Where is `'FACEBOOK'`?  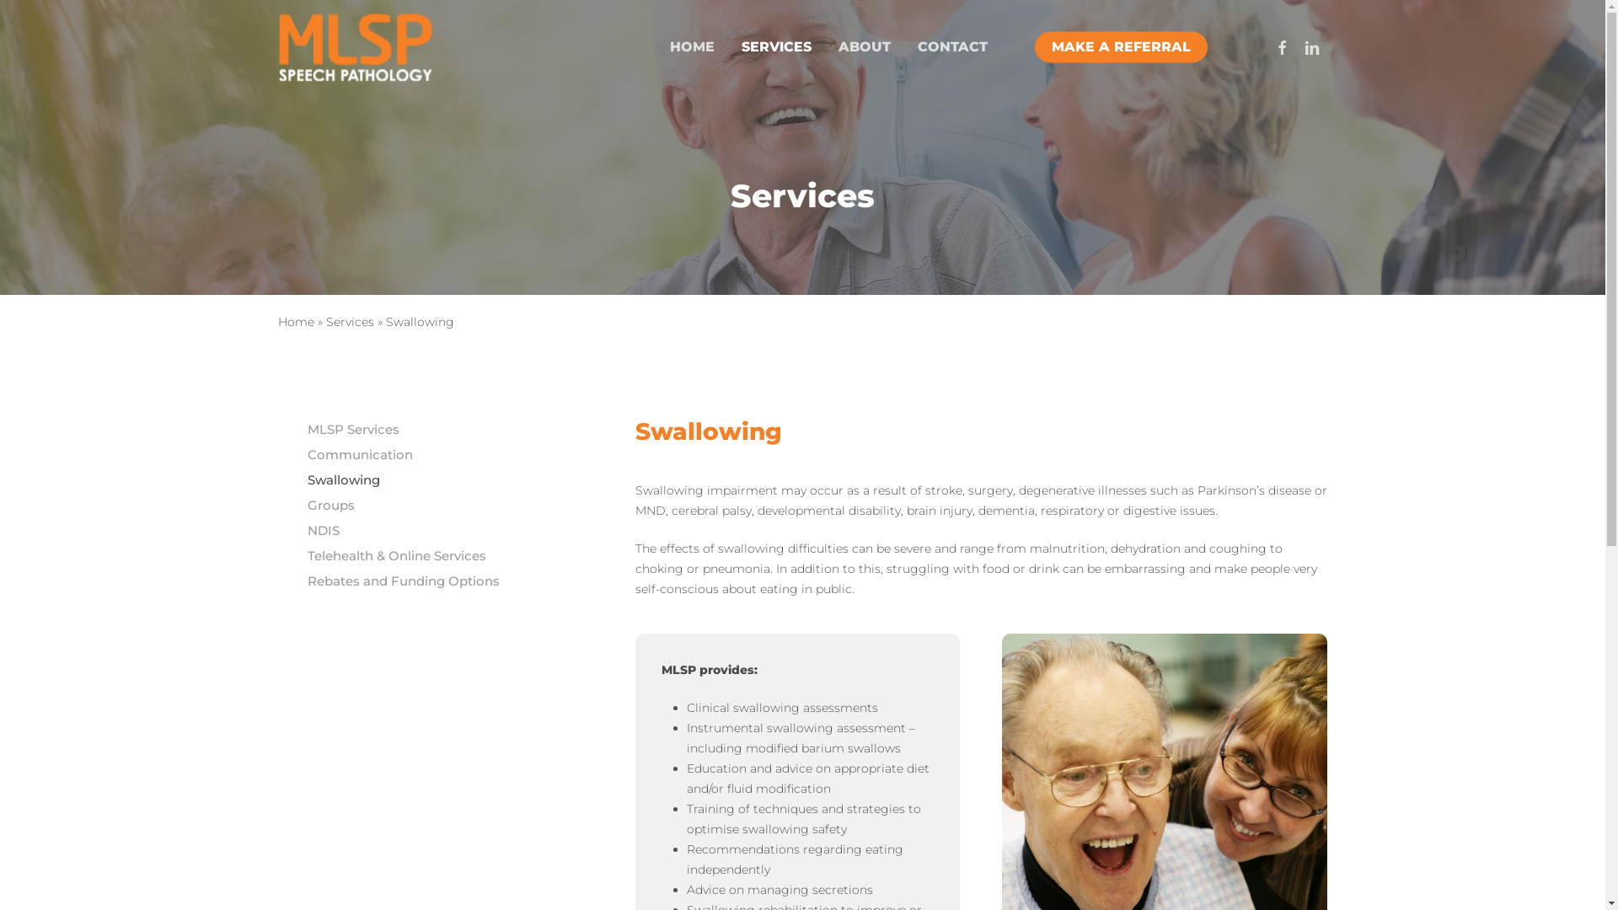 'FACEBOOK' is located at coordinates (1266, 46).